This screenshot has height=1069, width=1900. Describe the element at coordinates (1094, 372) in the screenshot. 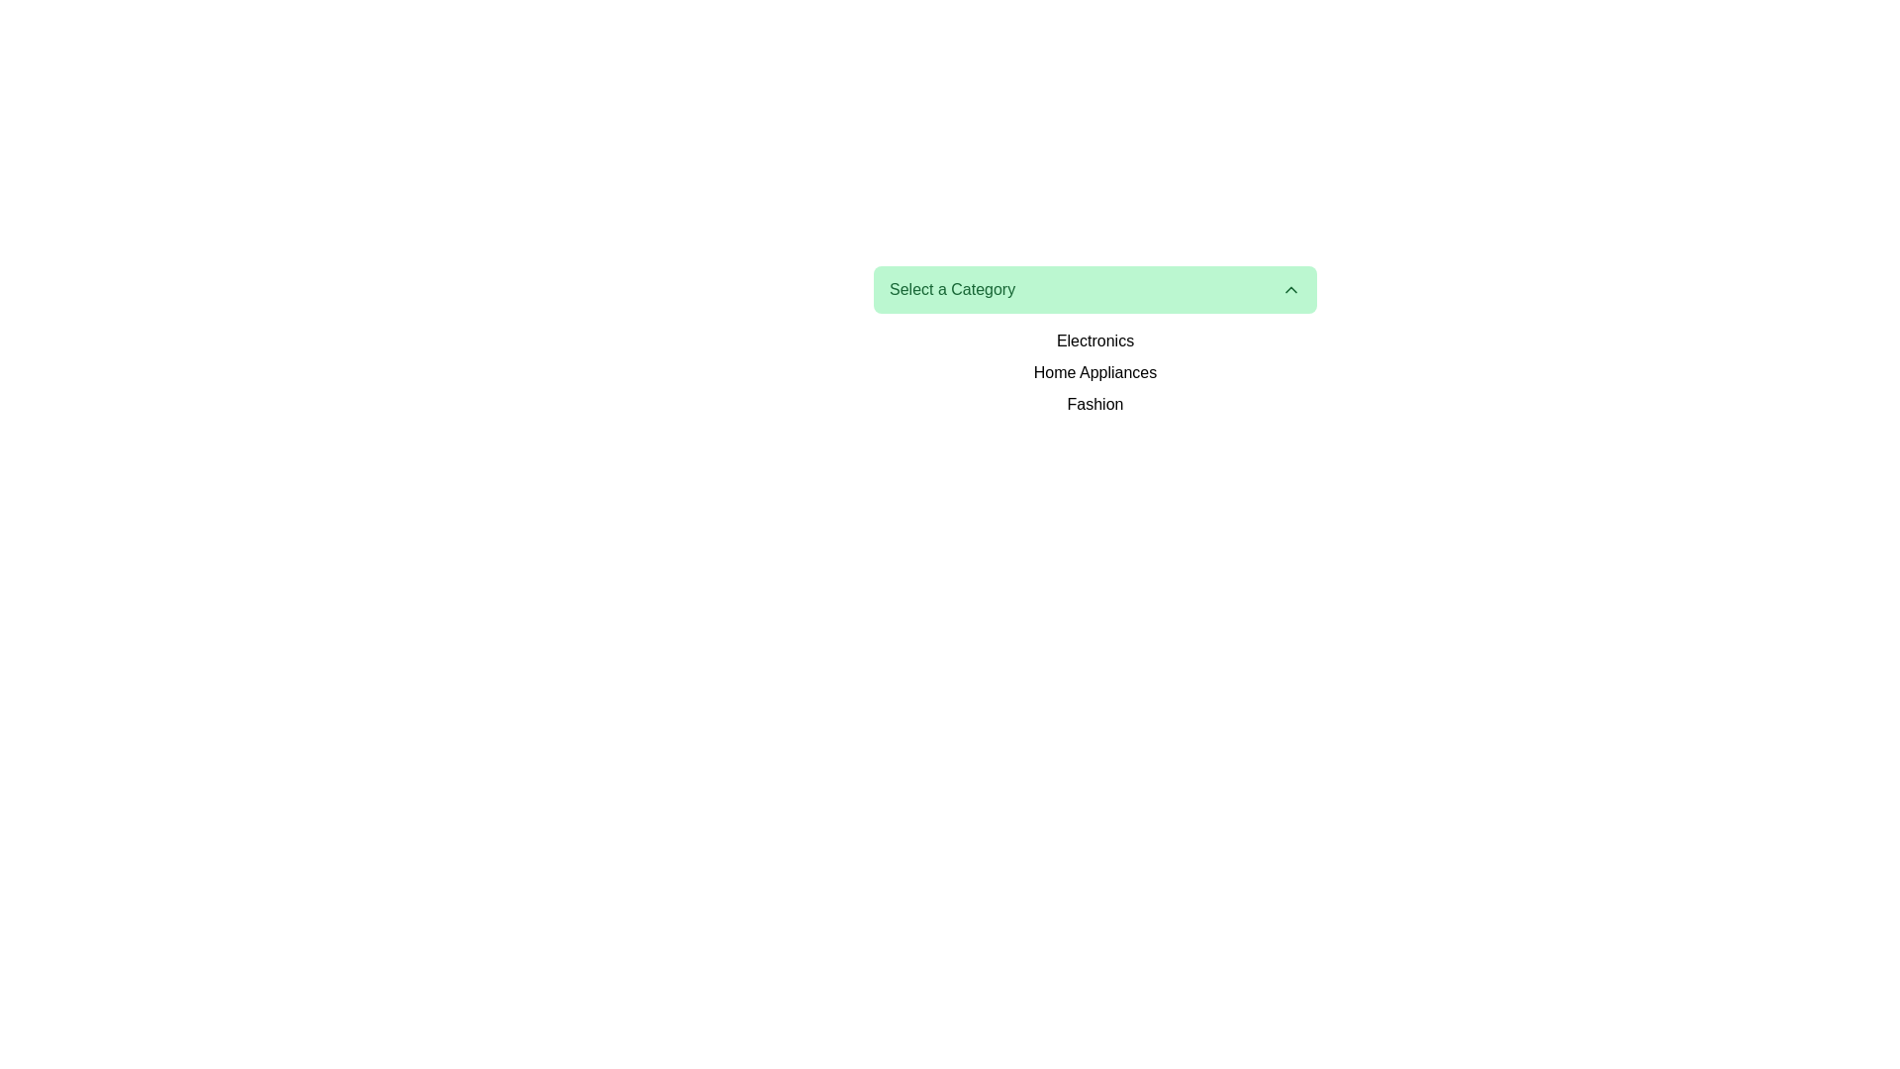

I see `the 'Home Appliances' text label in the dropdown menu` at that location.